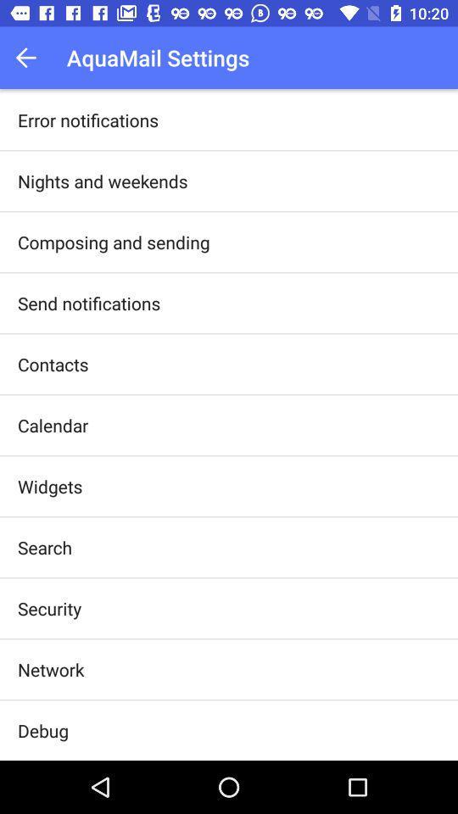  I want to click on the debug item, so click(42, 729).